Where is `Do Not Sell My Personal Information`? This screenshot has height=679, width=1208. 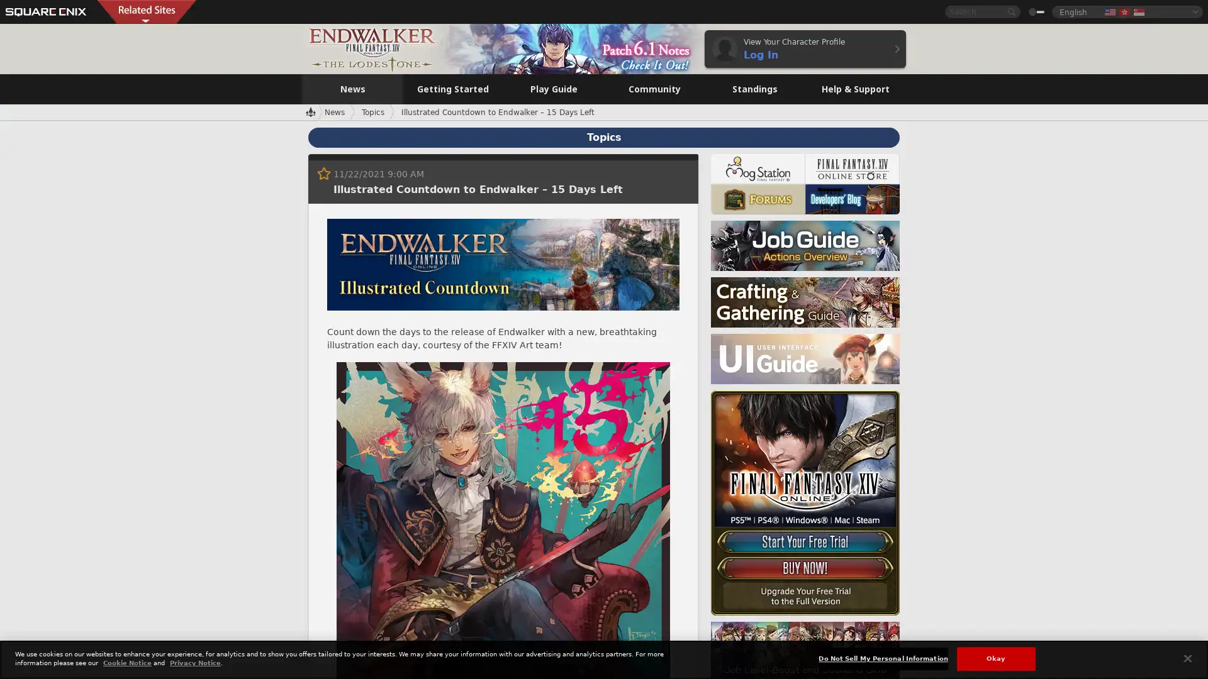
Do Not Sell My Personal Information is located at coordinates (882, 658).